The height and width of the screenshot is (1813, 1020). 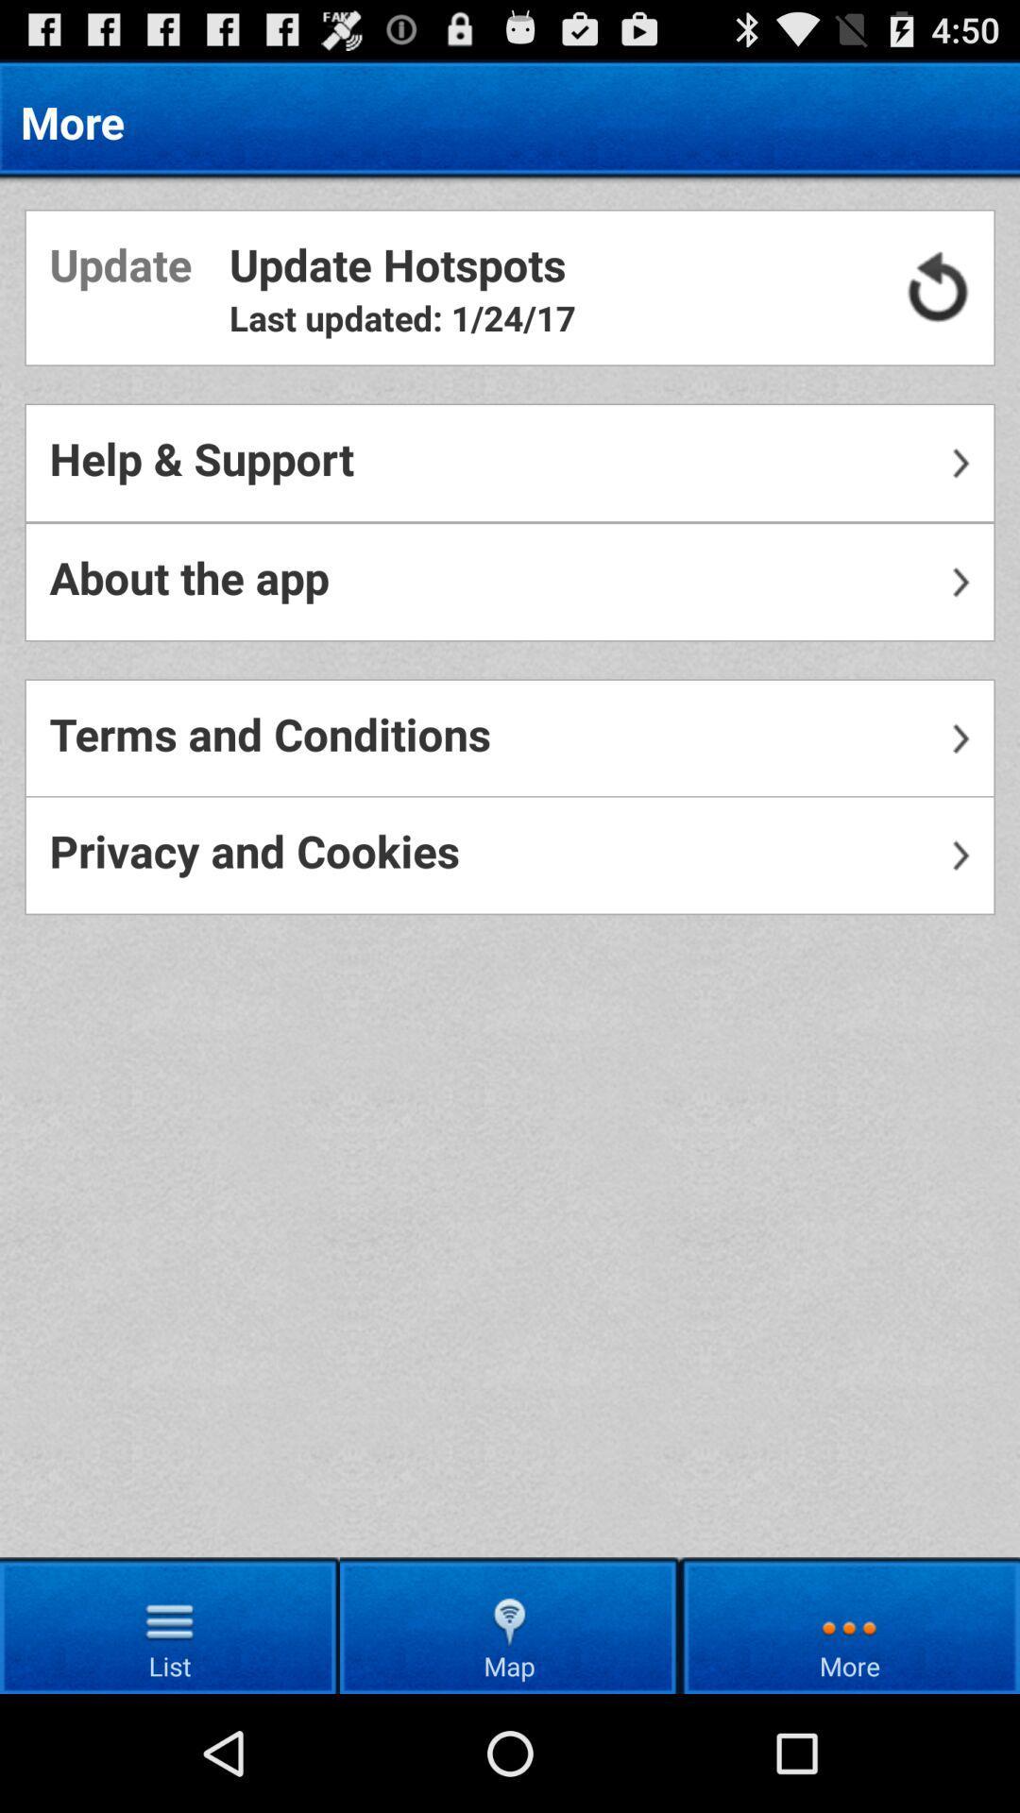 What do you see at coordinates (510, 737) in the screenshot?
I see `terms and conditions item` at bounding box center [510, 737].